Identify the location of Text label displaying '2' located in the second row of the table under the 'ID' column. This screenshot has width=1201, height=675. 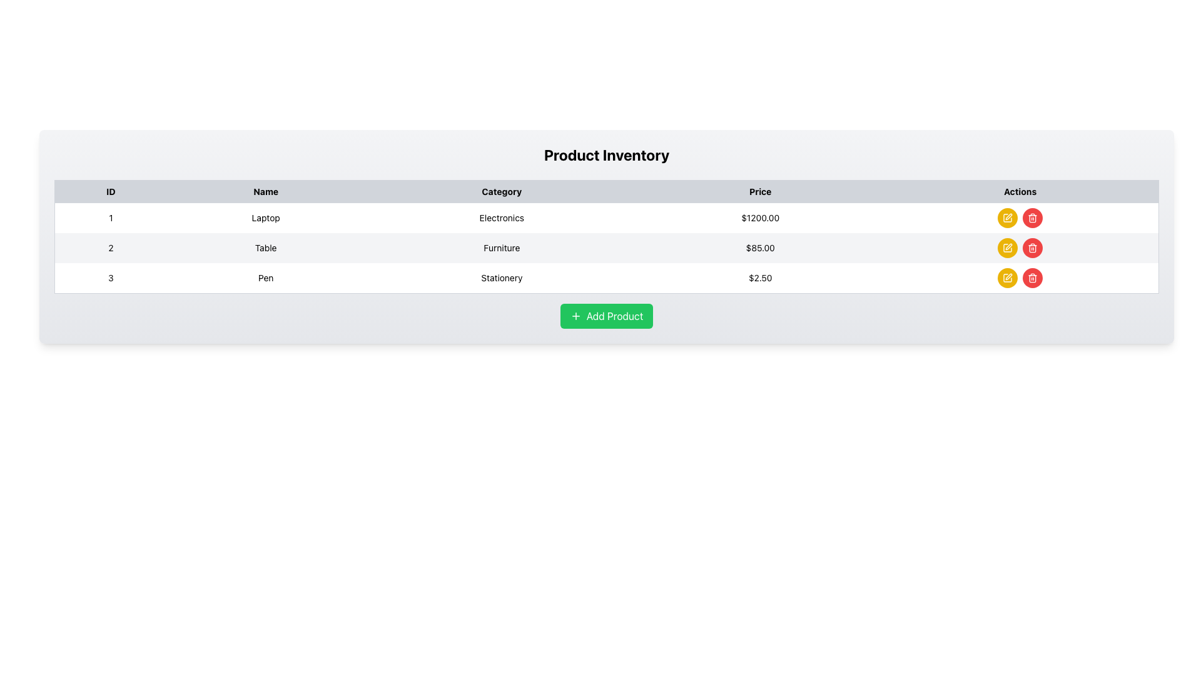
(111, 248).